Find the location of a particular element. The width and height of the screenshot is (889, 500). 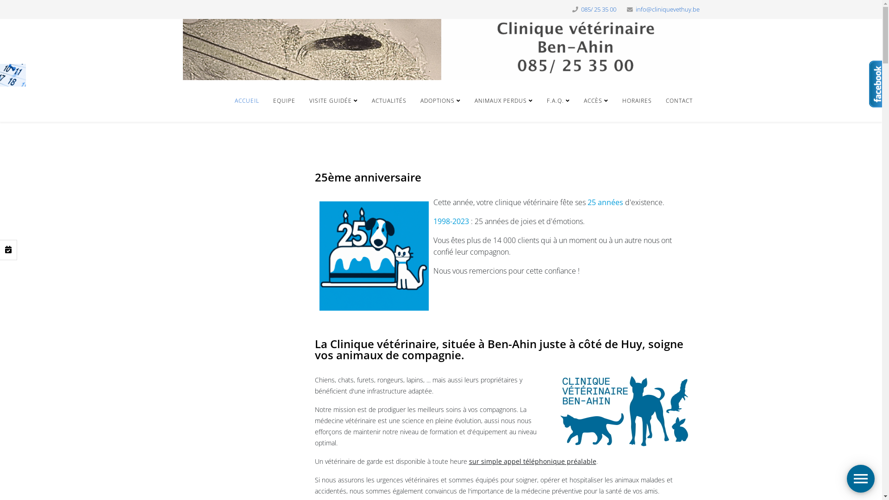

'ADOPTIONS' is located at coordinates (439, 101).